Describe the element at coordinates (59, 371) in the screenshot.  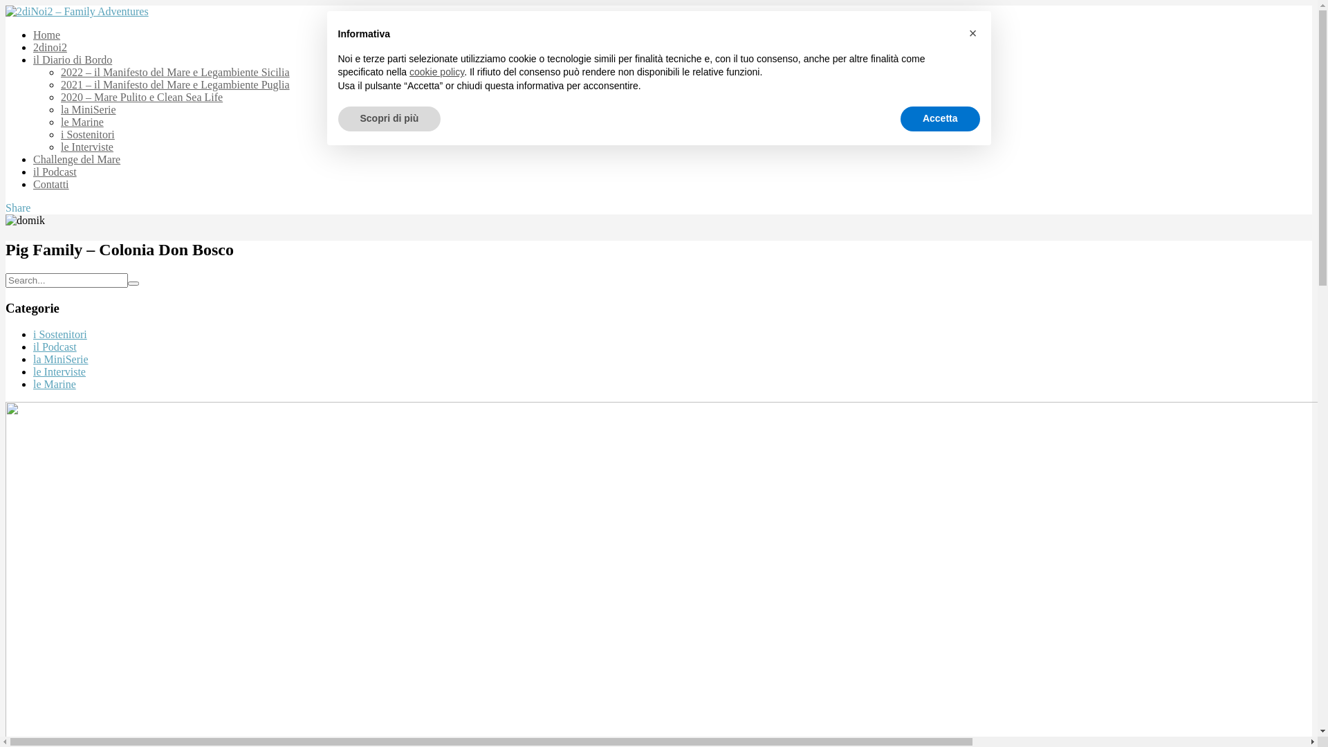
I see `'le Interviste'` at that location.